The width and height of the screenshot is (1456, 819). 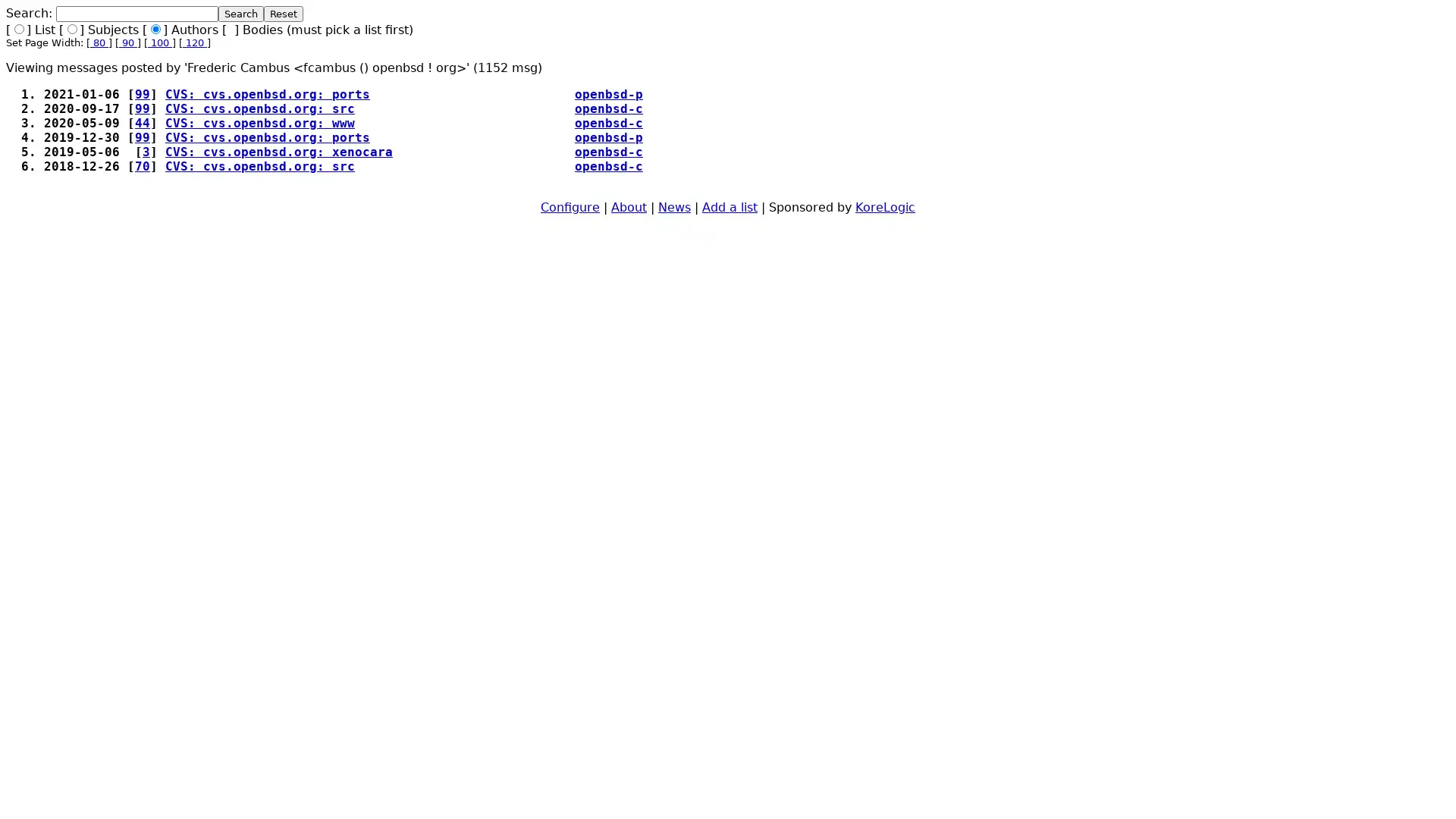 I want to click on Search, so click(x=240, y=14).